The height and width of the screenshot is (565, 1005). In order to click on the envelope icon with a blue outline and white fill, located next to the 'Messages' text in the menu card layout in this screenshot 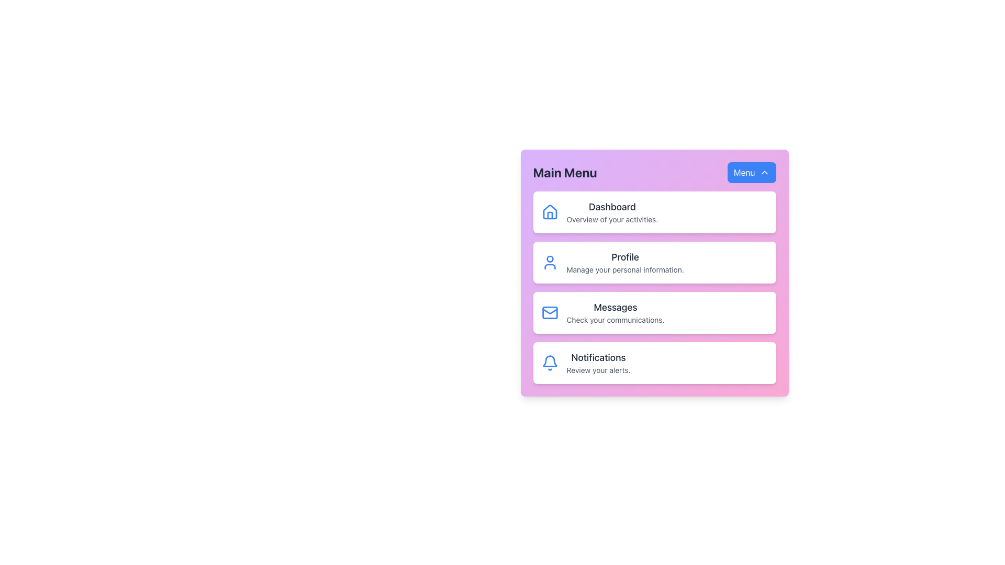, I will do `click(549, 312)`.